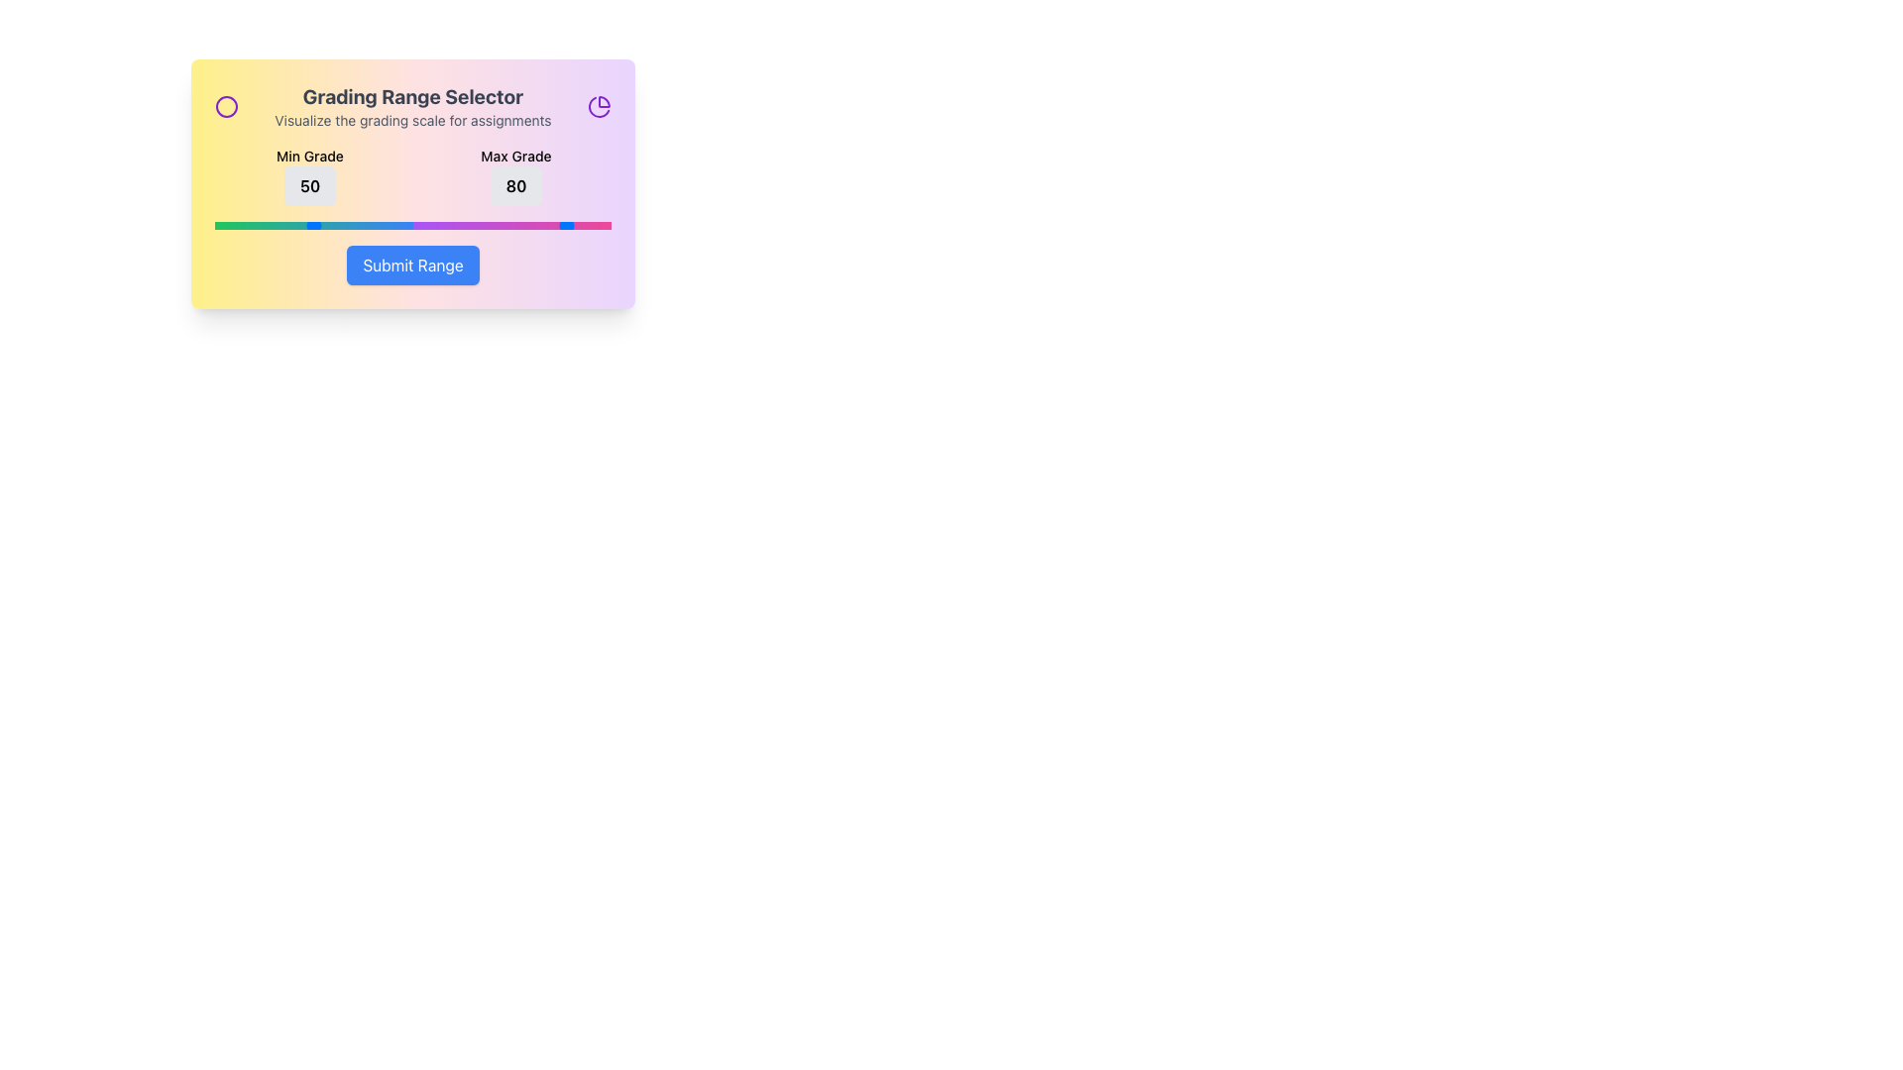 The width and height of the screenshot is (1903, 1070). Describe the element at coordinates (412, 121) in the screenshot. I see `the descriptive text element that provides context about the grading scale, located below the 'Grading Range Selector' title` at that location.